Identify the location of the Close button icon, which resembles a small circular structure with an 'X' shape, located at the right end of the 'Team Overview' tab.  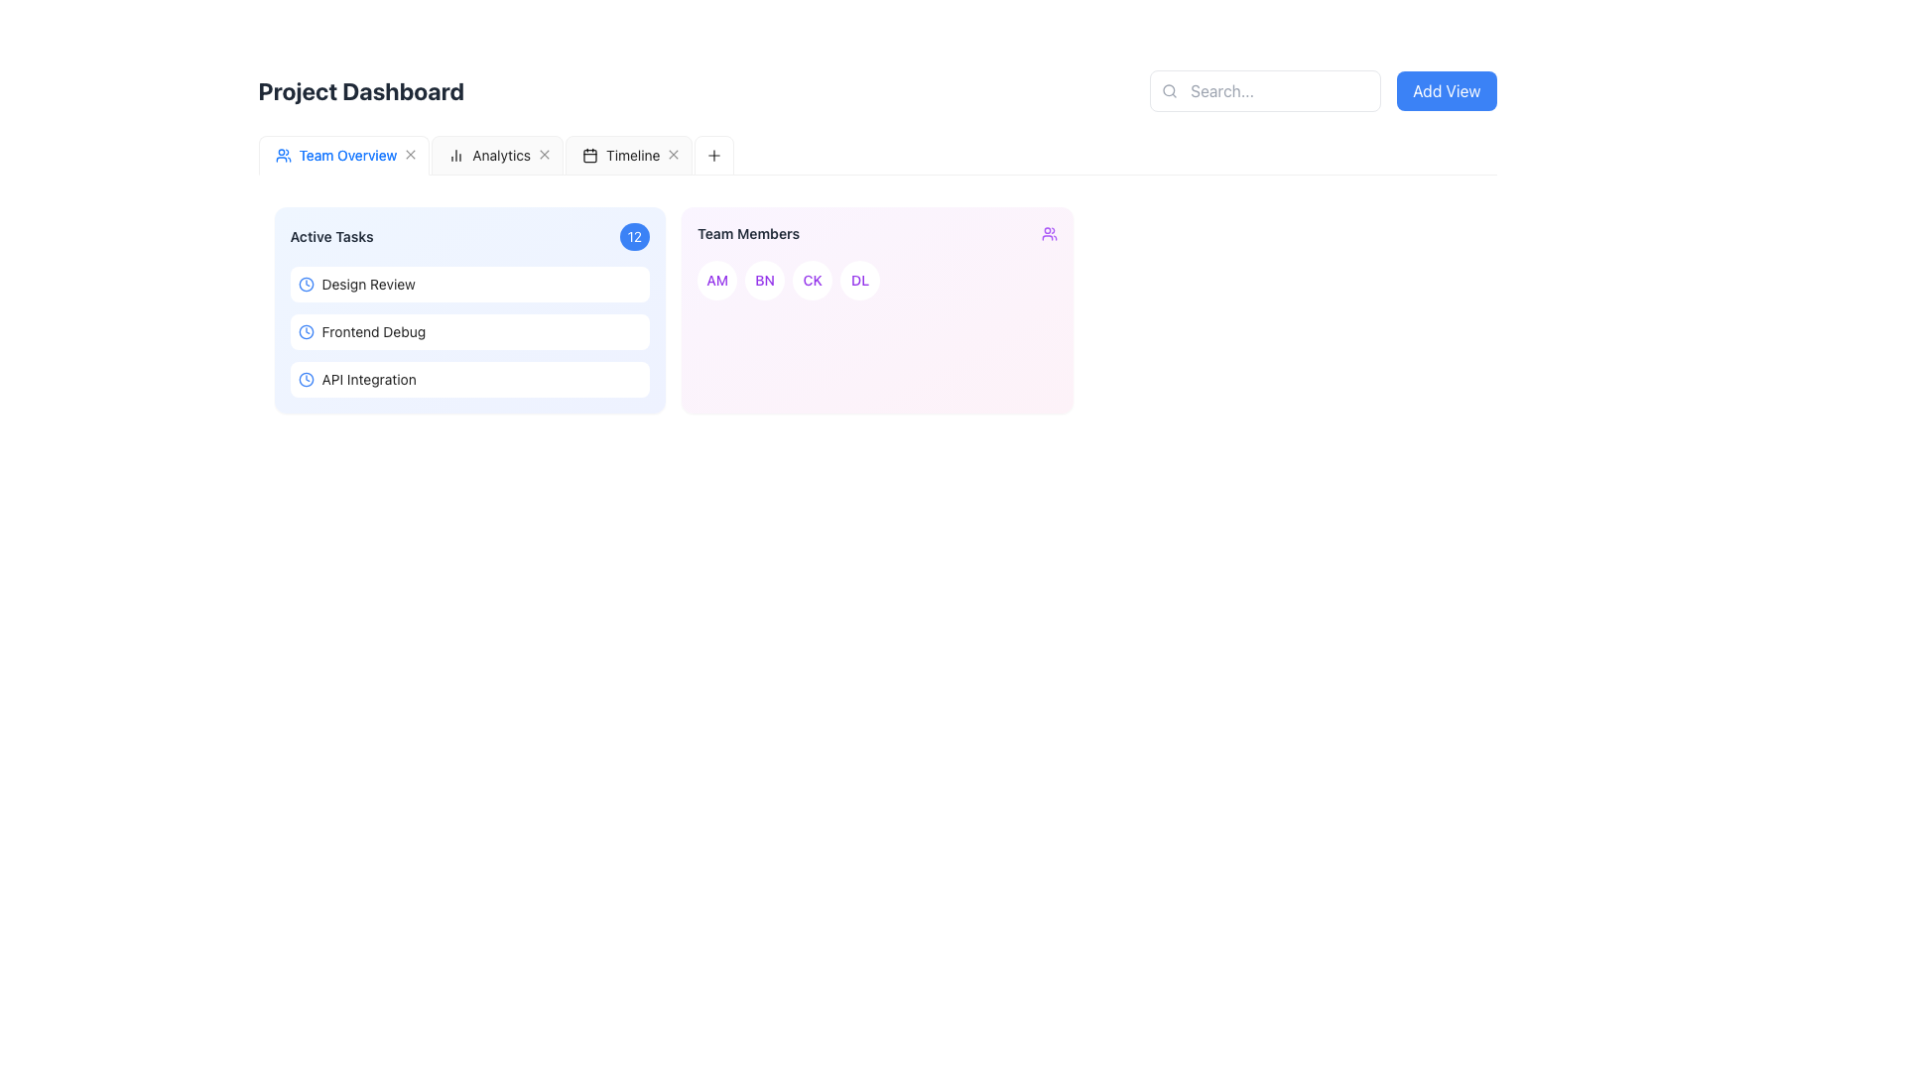
(410, 154).